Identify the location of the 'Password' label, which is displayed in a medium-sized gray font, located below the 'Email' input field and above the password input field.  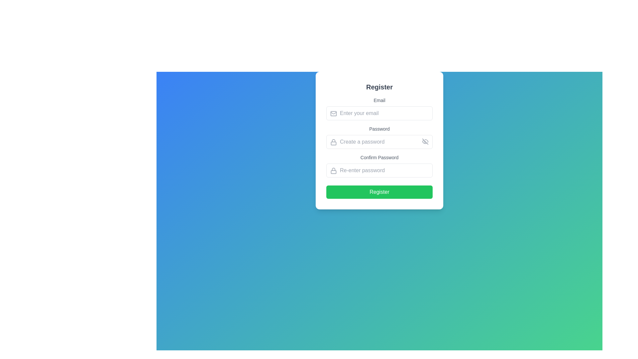
(379, 129).